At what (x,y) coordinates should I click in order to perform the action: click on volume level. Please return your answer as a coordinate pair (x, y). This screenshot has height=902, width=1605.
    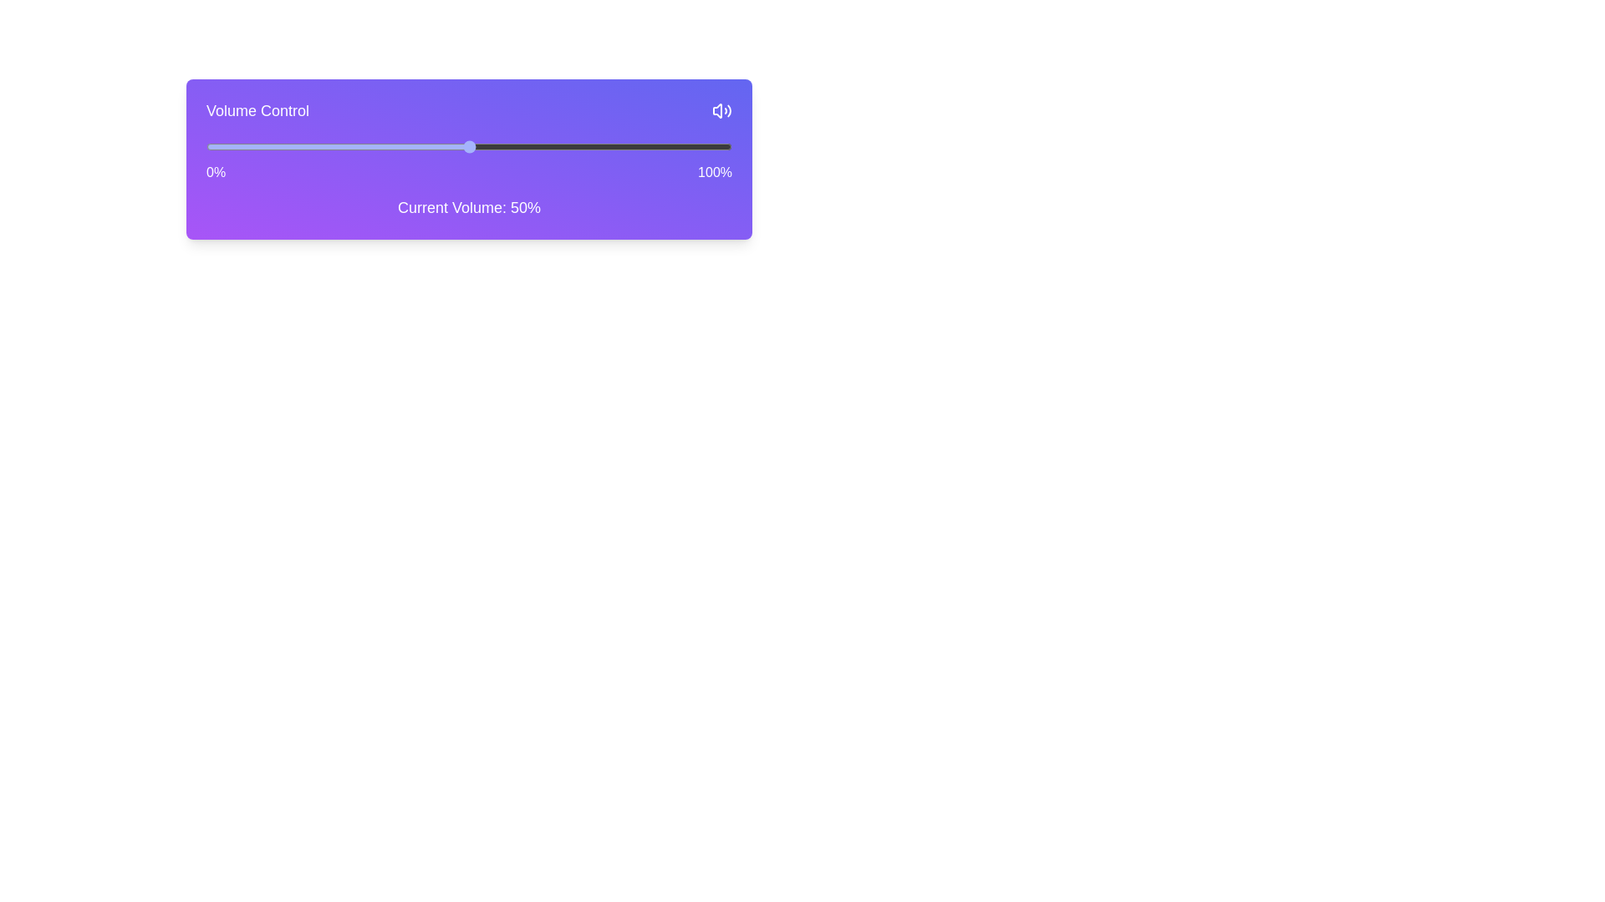
    Looking at the image, I should click on (494, 146).